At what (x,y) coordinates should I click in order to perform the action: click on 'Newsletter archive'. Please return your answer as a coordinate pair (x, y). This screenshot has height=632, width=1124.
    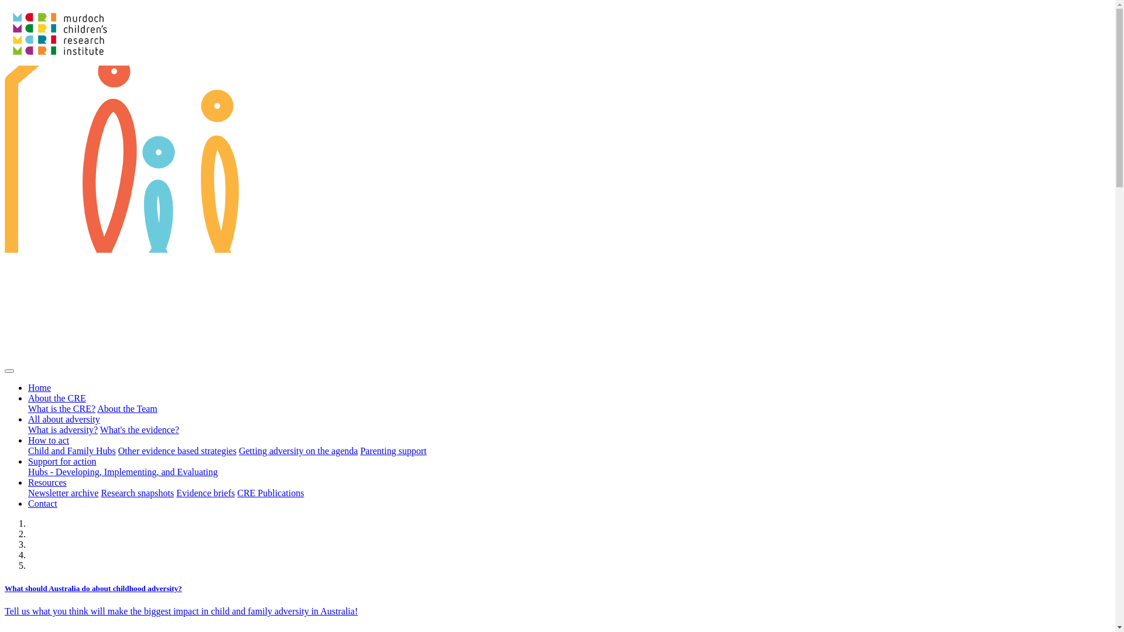
    Looking at the image, I should click on (62, 493).